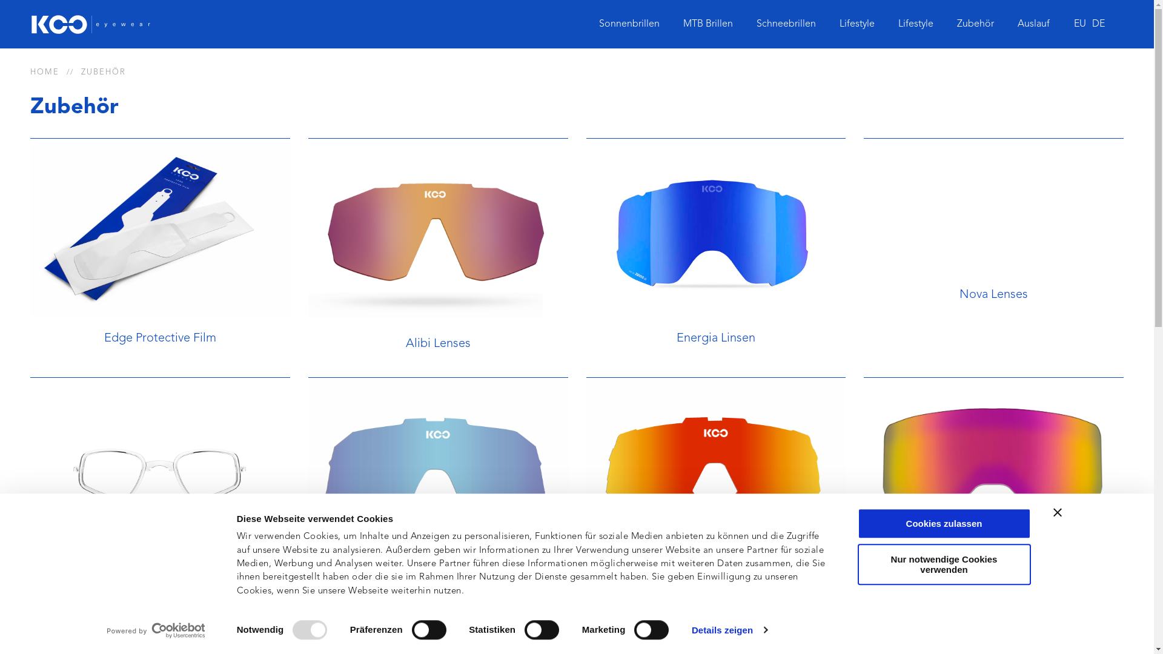  I want to click on 'HOME', so click(44, 72).